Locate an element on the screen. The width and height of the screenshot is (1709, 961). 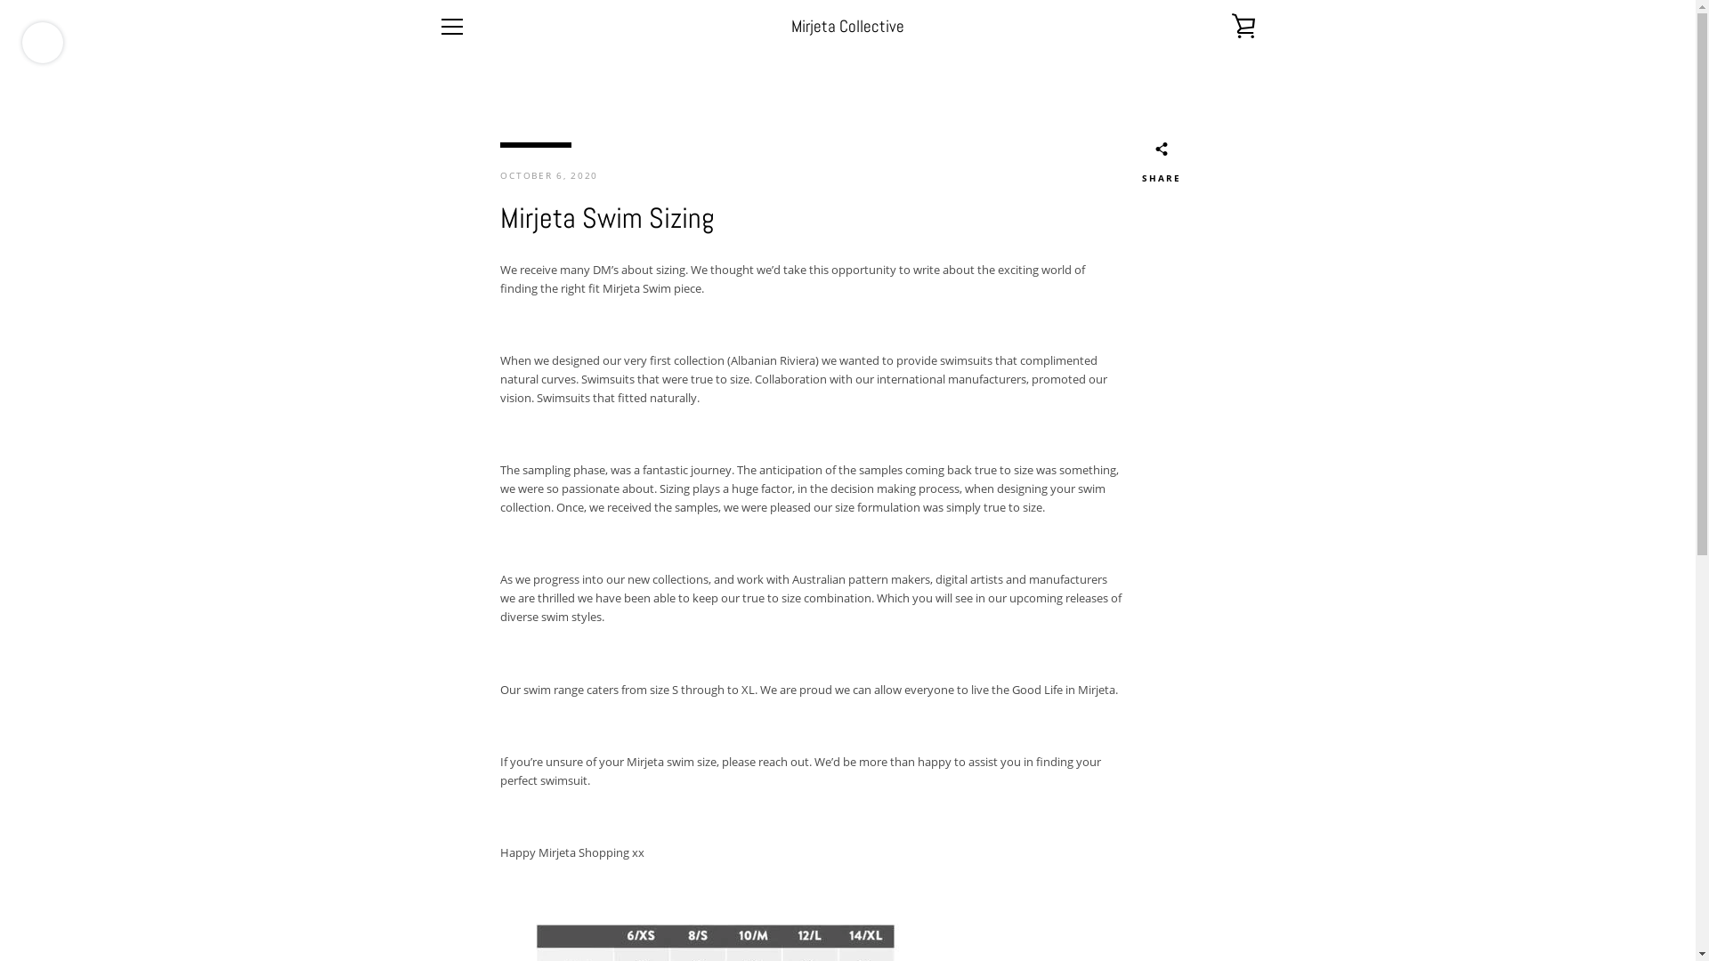
'LEGALS' is located at coordinates (457, 796).